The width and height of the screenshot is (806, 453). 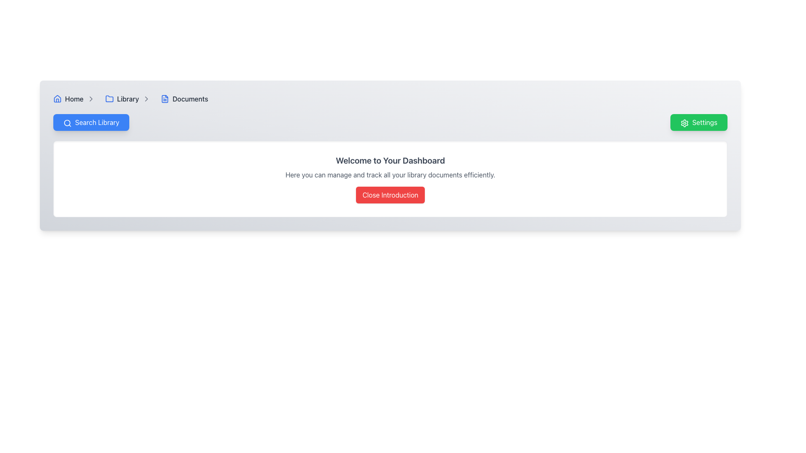 I want to click on the icon representing the Library section, so click(x=109, y=98).